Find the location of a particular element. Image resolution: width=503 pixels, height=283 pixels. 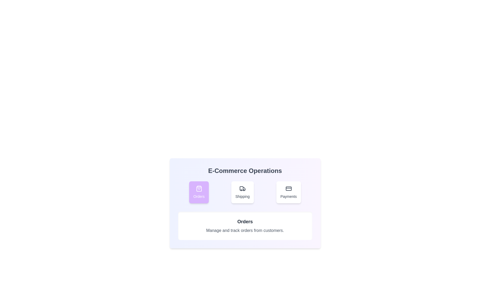

the payment icon located in the 'Payments' button group is located at coordinates (288, 189).